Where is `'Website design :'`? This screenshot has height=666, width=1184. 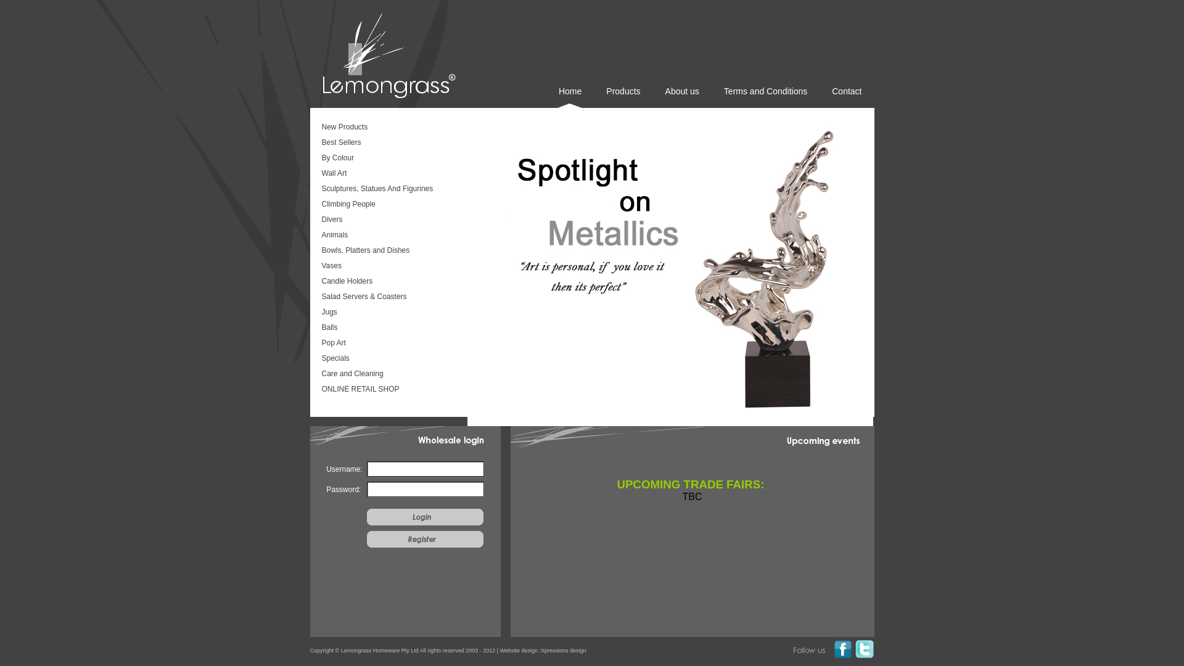 'Website design :' is located at coordinates (520, 650).